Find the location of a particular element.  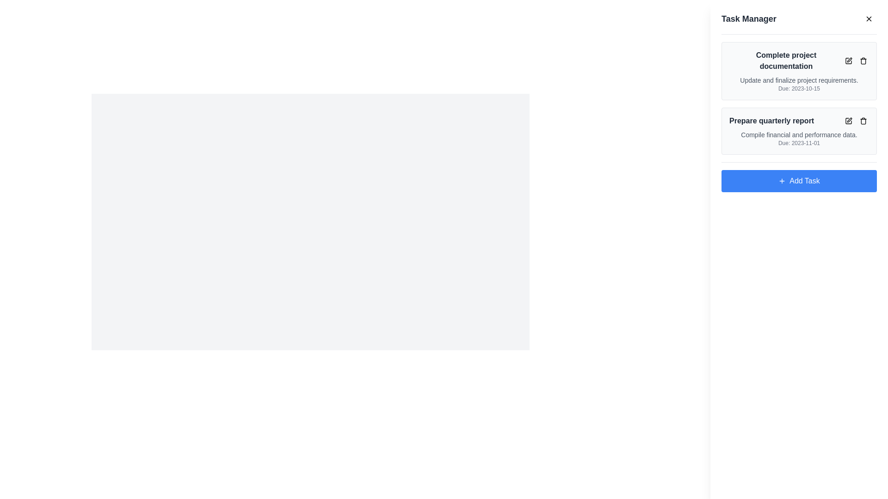

the trash can icon is located at coordinates (856, 121).